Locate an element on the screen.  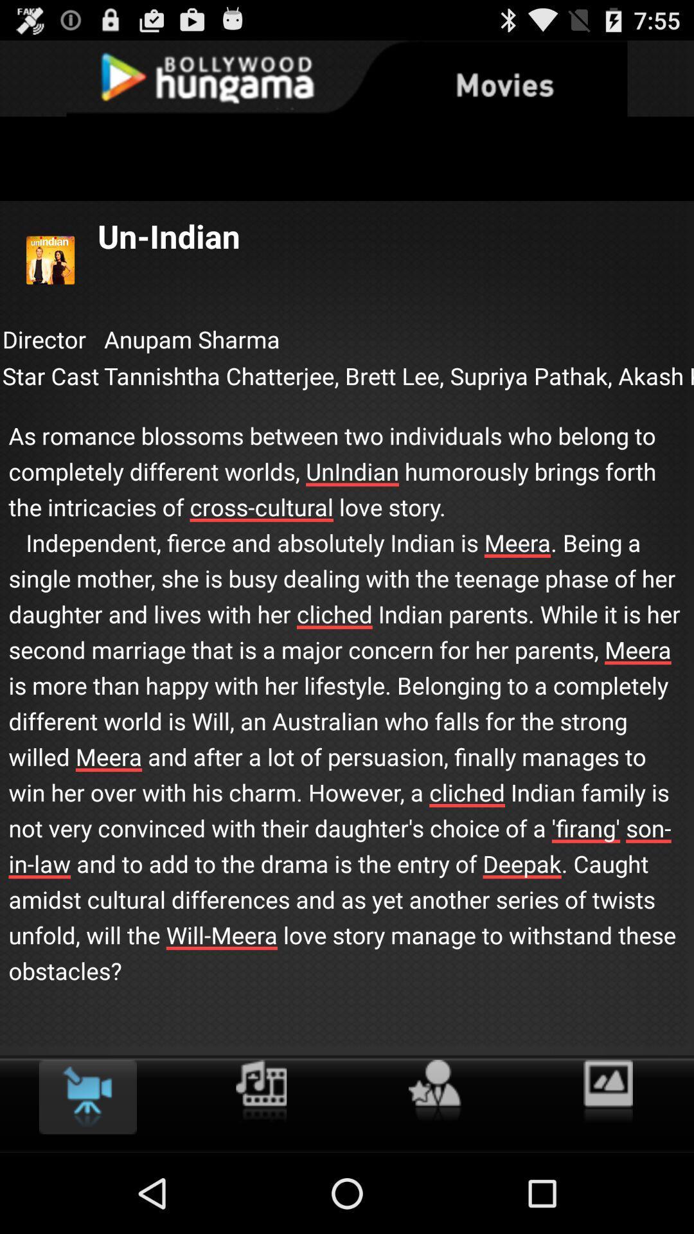
the as romance blossoms at the center is located at coordinates (347, 690).